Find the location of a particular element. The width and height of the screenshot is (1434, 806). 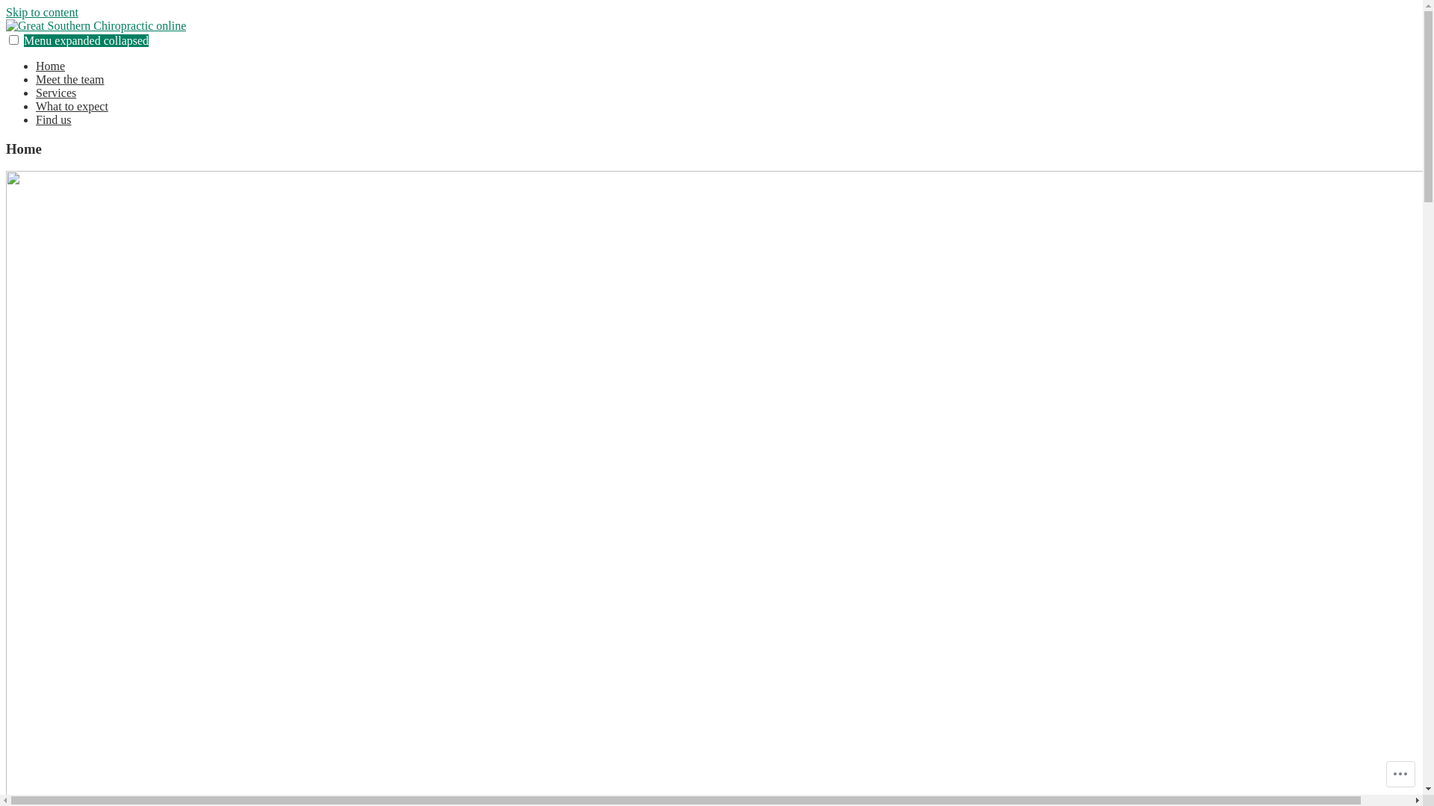

'What to expect' is located at coordinates (36, 105).